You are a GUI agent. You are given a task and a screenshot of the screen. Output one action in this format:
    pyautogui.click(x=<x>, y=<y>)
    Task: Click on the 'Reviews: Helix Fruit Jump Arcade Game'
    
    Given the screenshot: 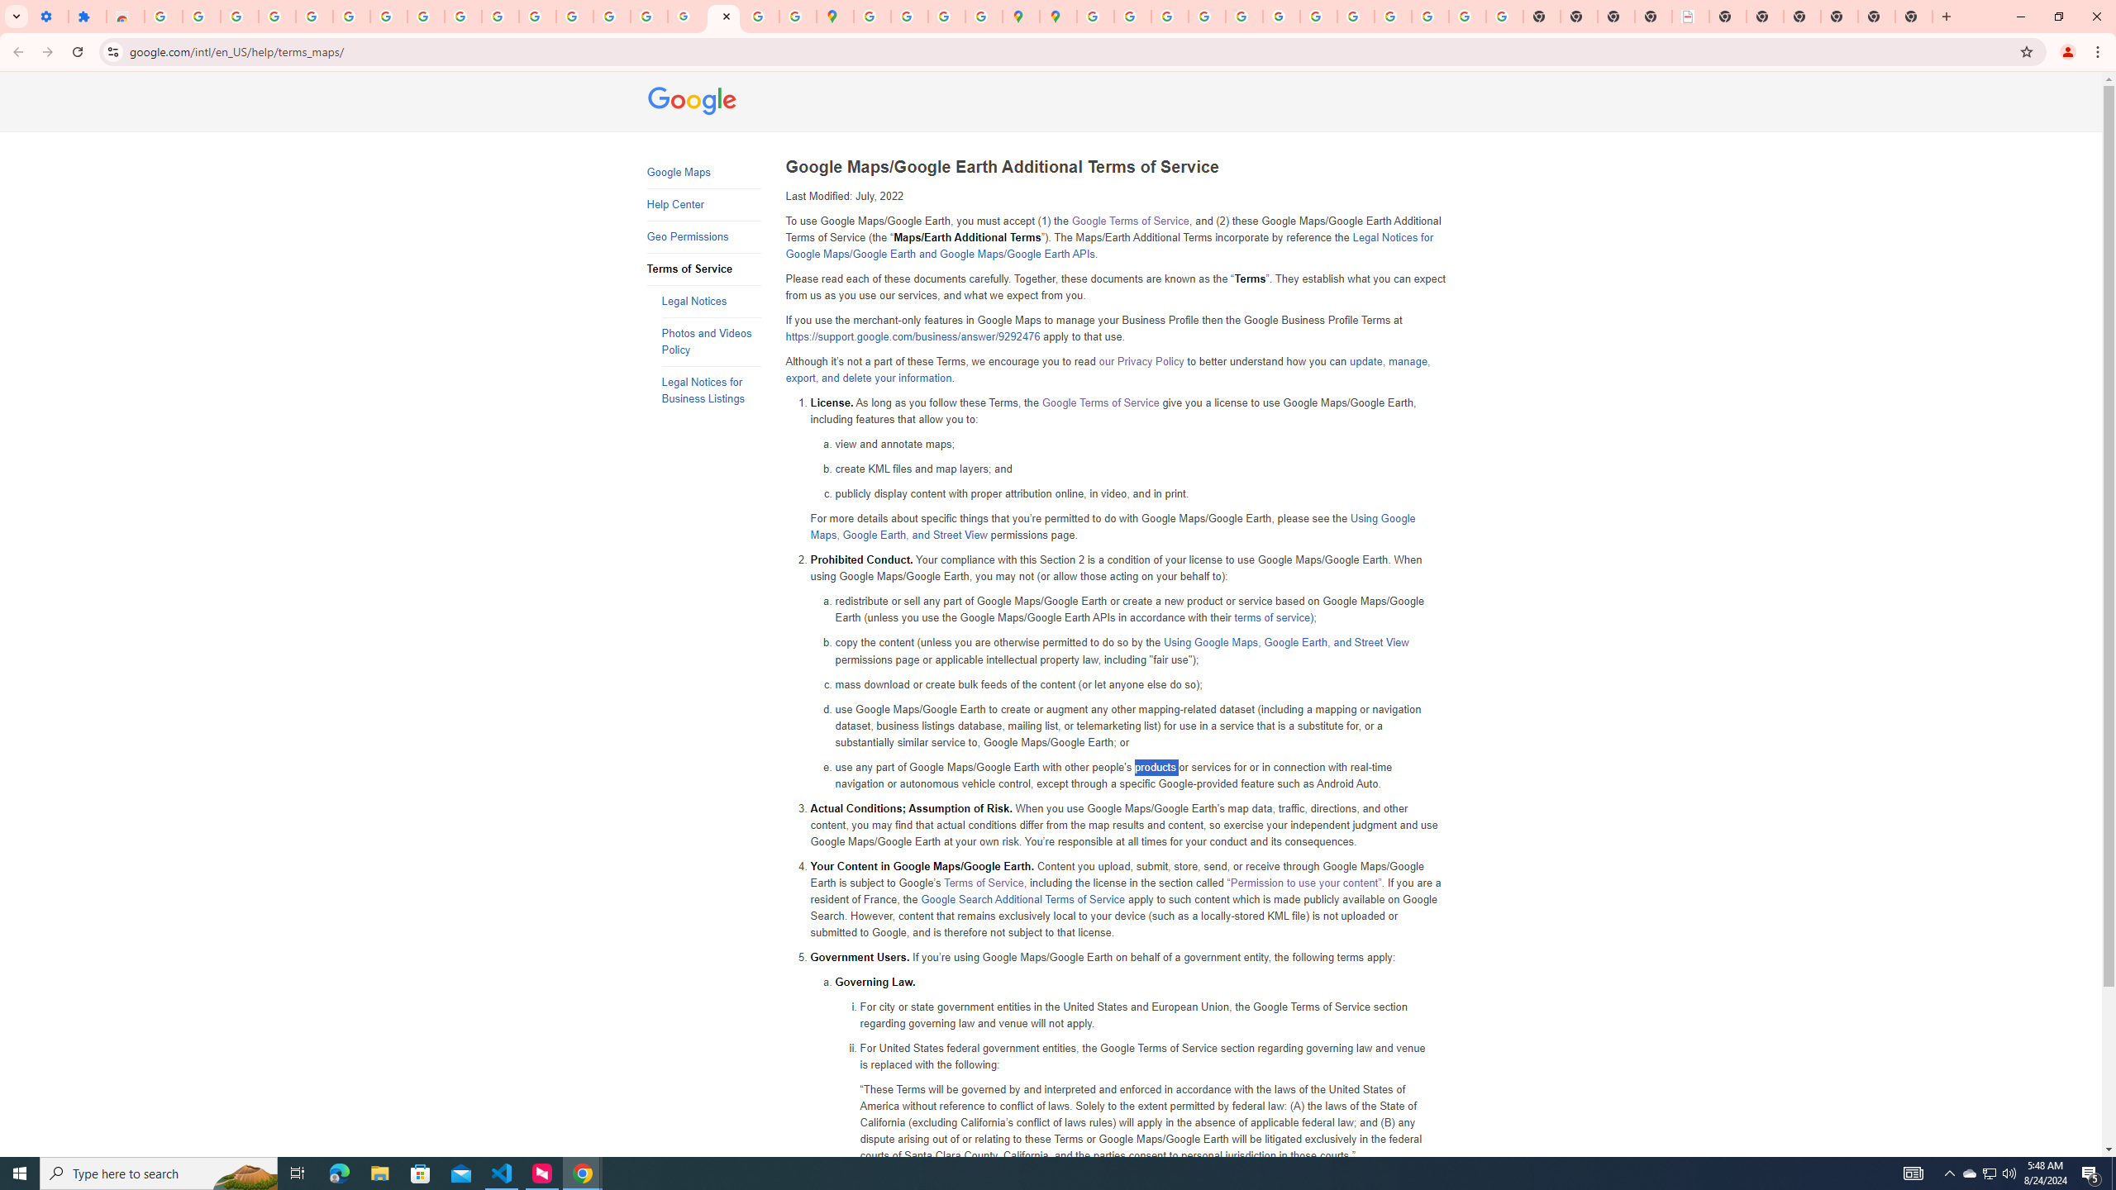 What is the action you would take?
    pyautogui.click(x=125, y=16)
    